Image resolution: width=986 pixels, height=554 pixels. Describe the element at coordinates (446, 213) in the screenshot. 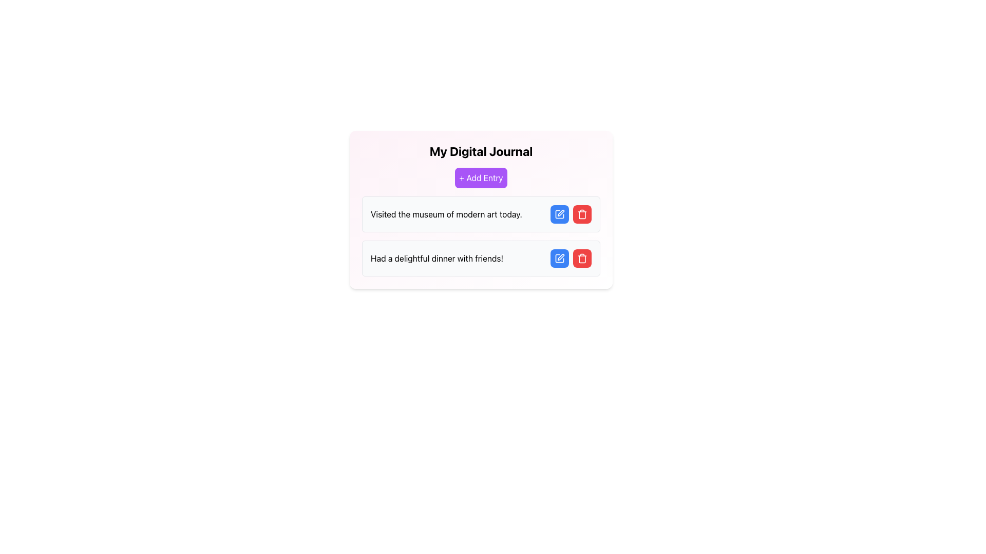

I see `the static text block displaying the first journal entry, positioned centrally between the blue pencil icon and the red trash icon` at that location.